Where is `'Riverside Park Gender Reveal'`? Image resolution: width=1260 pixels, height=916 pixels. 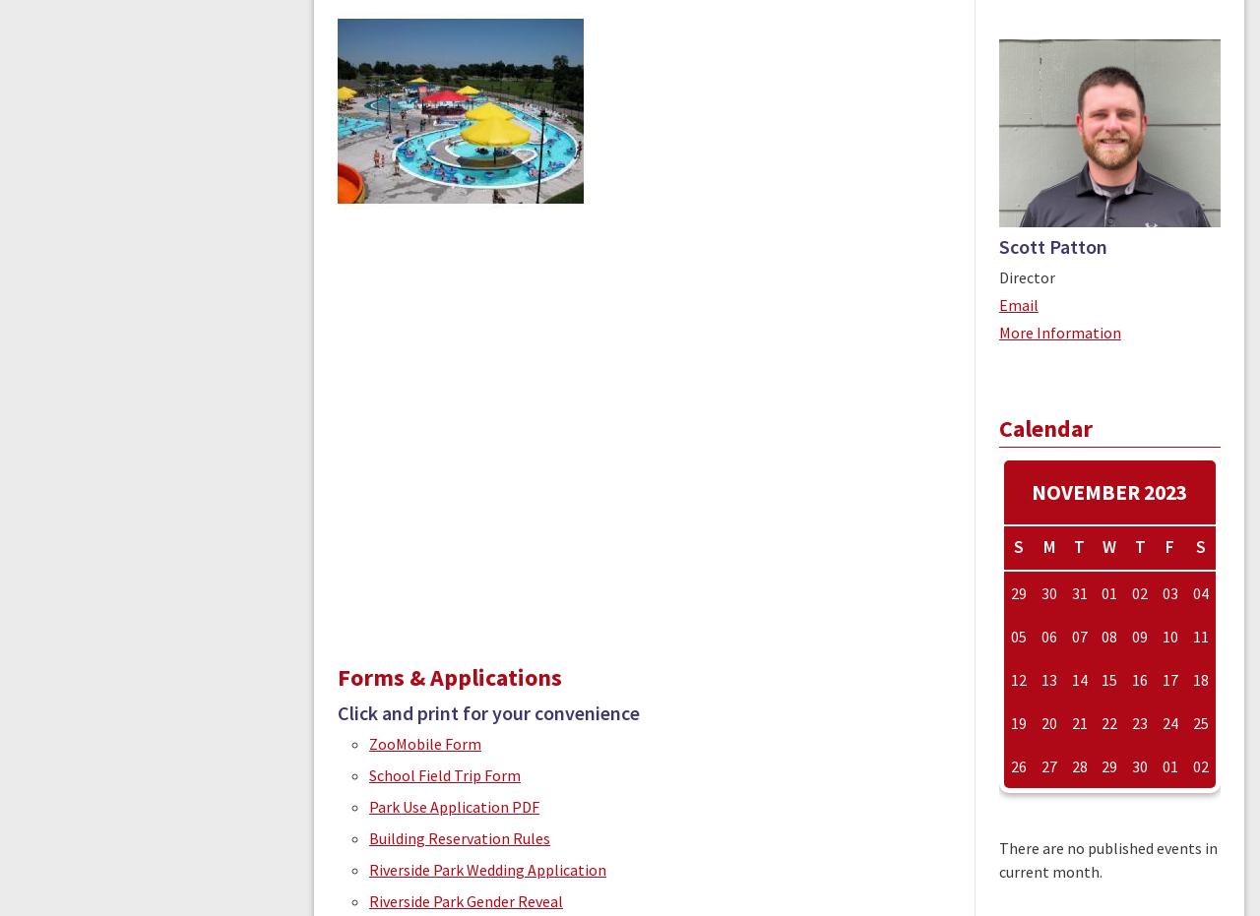
'Riverside Park Gender Reveal' is located at coordinates (465, 901).